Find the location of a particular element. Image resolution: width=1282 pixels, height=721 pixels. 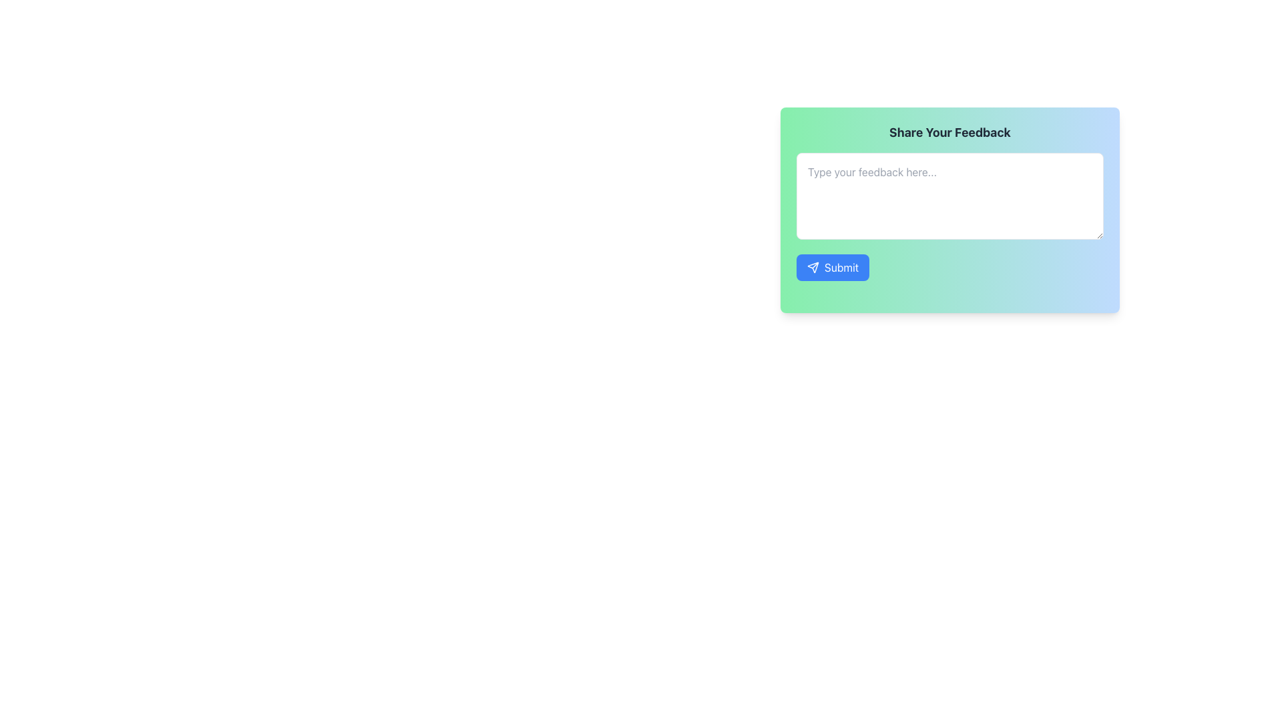

the sending icon within the blue 'Submit' button located at the bottom-left corner of the feedback submission form is located at coordinates (813, 268).